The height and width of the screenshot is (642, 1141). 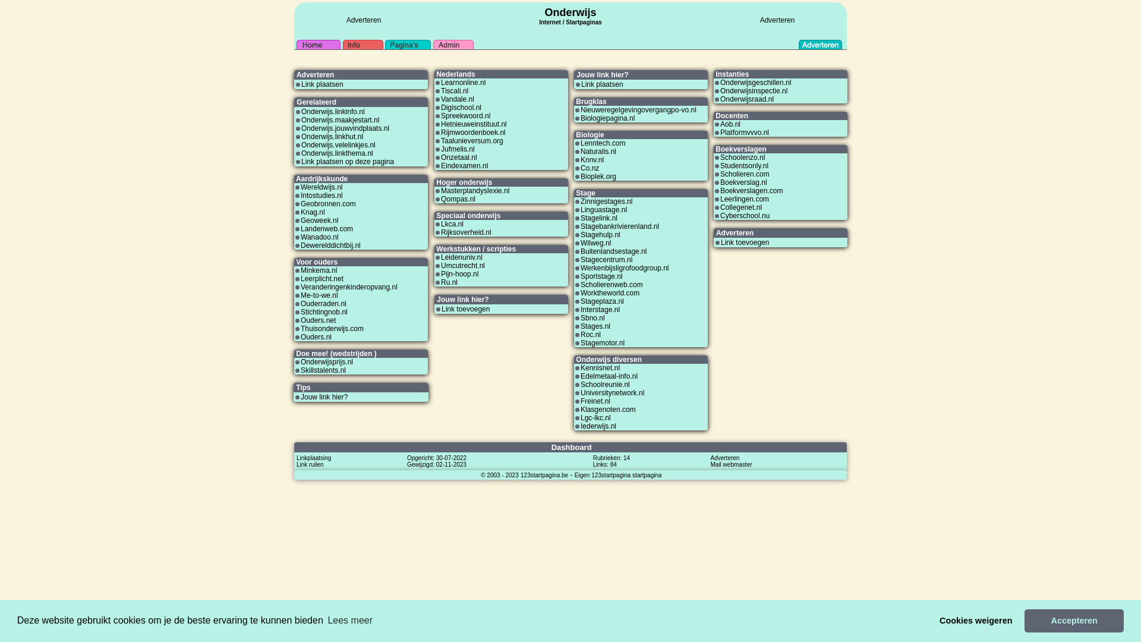 I want to click on 'Stagelink.nl', so click(x=599, y=218).